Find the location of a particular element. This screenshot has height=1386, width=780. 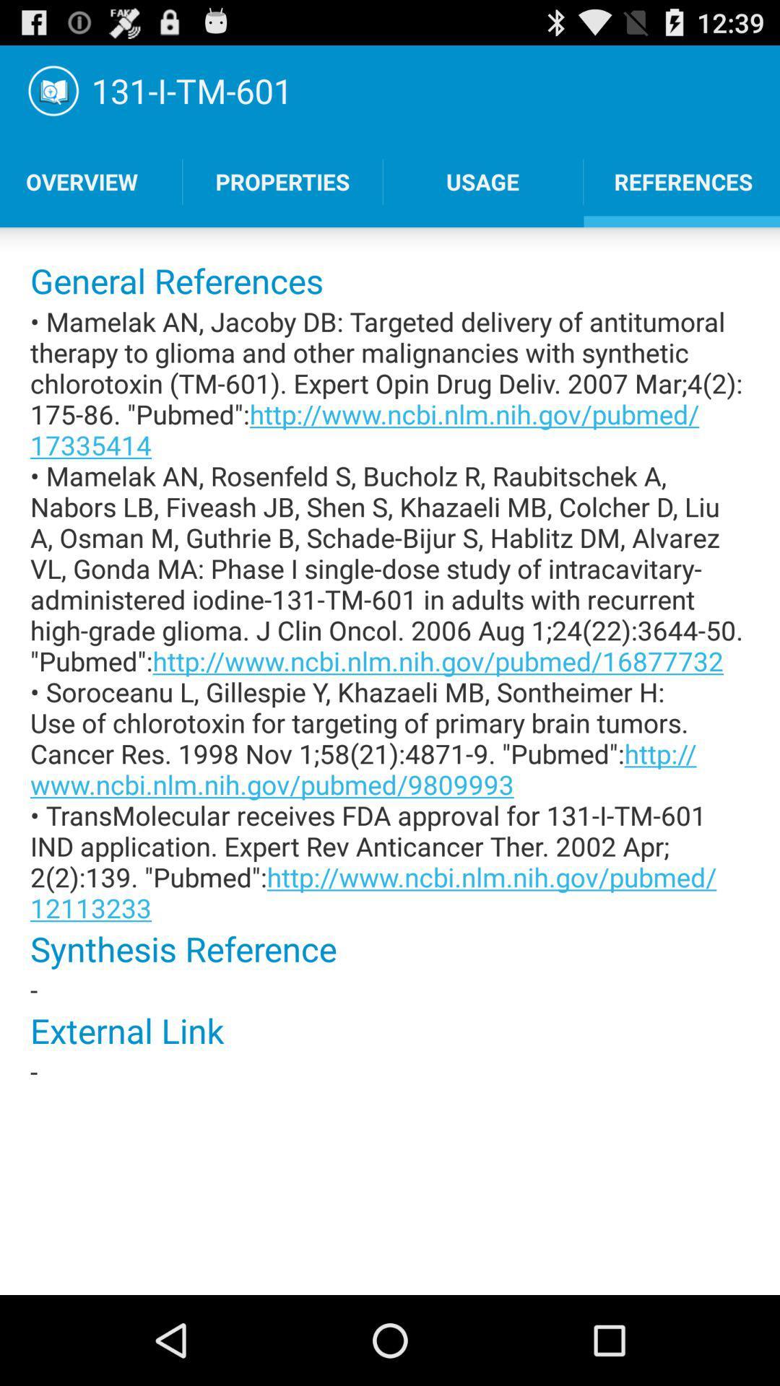

app above the synthesis reference app is located at coordinates (390, 614).